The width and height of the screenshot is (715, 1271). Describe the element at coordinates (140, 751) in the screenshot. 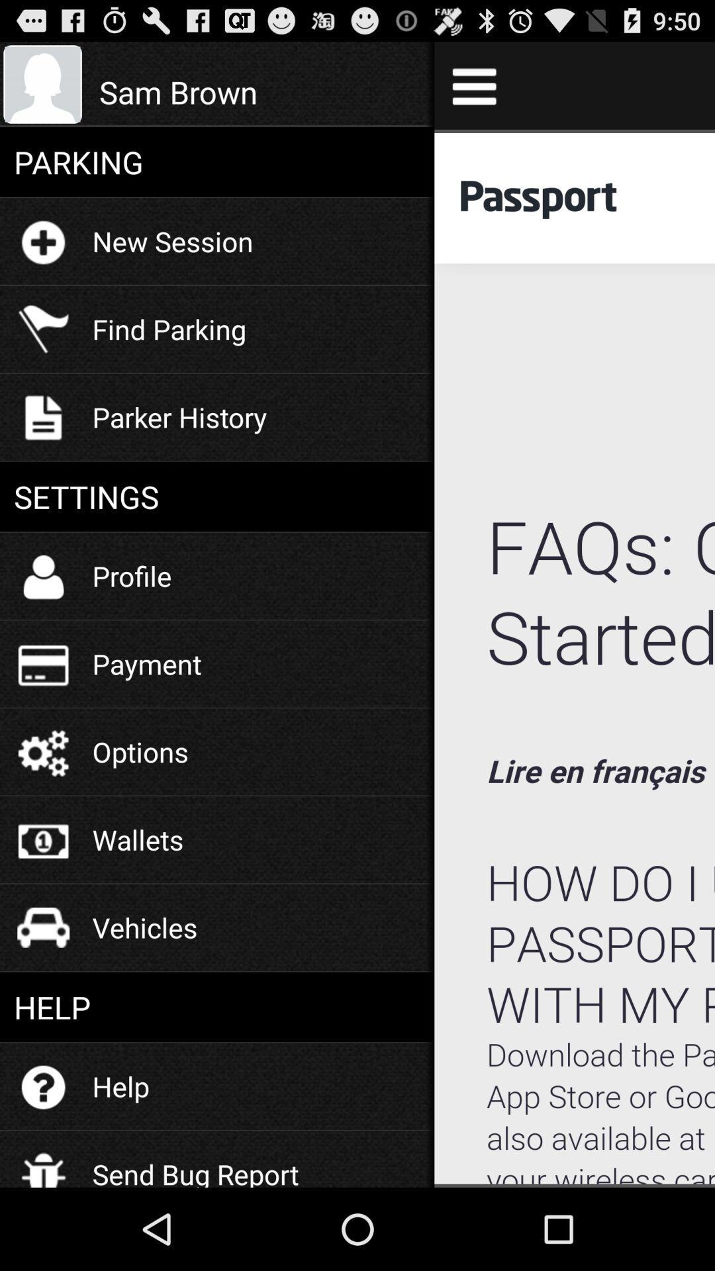

I see `the item below the payment icon` at that location.